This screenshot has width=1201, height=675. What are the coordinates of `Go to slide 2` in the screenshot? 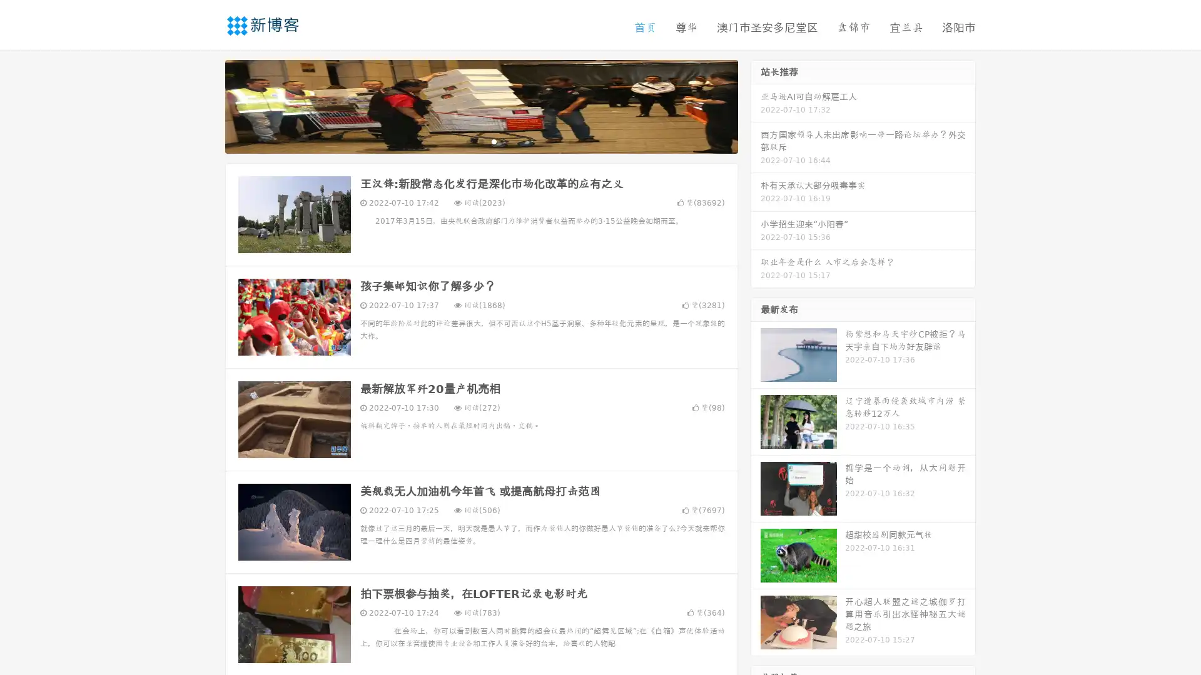 It's located at (480, 141).